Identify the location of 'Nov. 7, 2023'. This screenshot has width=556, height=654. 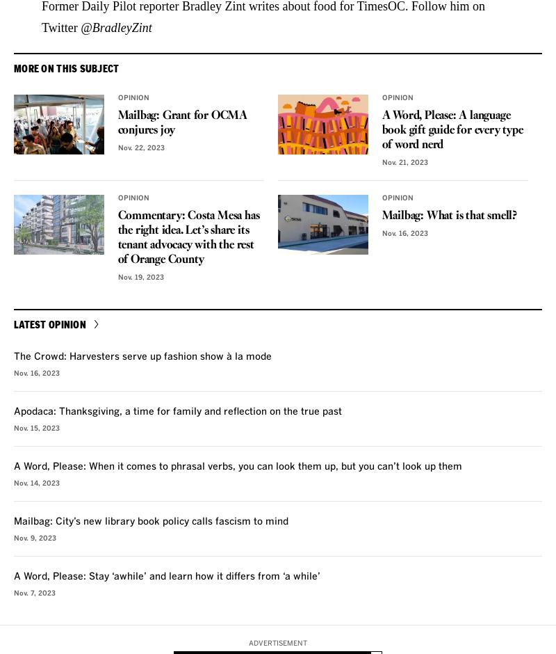
(34, 592).